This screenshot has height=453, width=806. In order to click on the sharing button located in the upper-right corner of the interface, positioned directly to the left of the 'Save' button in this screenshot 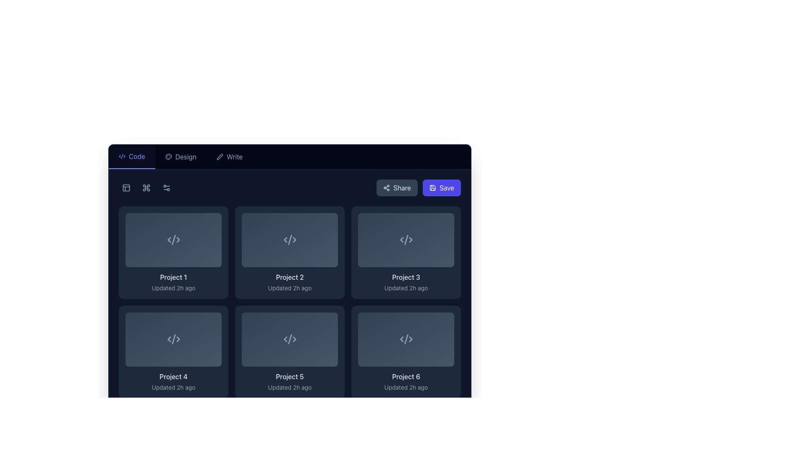, I will do `click(397, 187)`.